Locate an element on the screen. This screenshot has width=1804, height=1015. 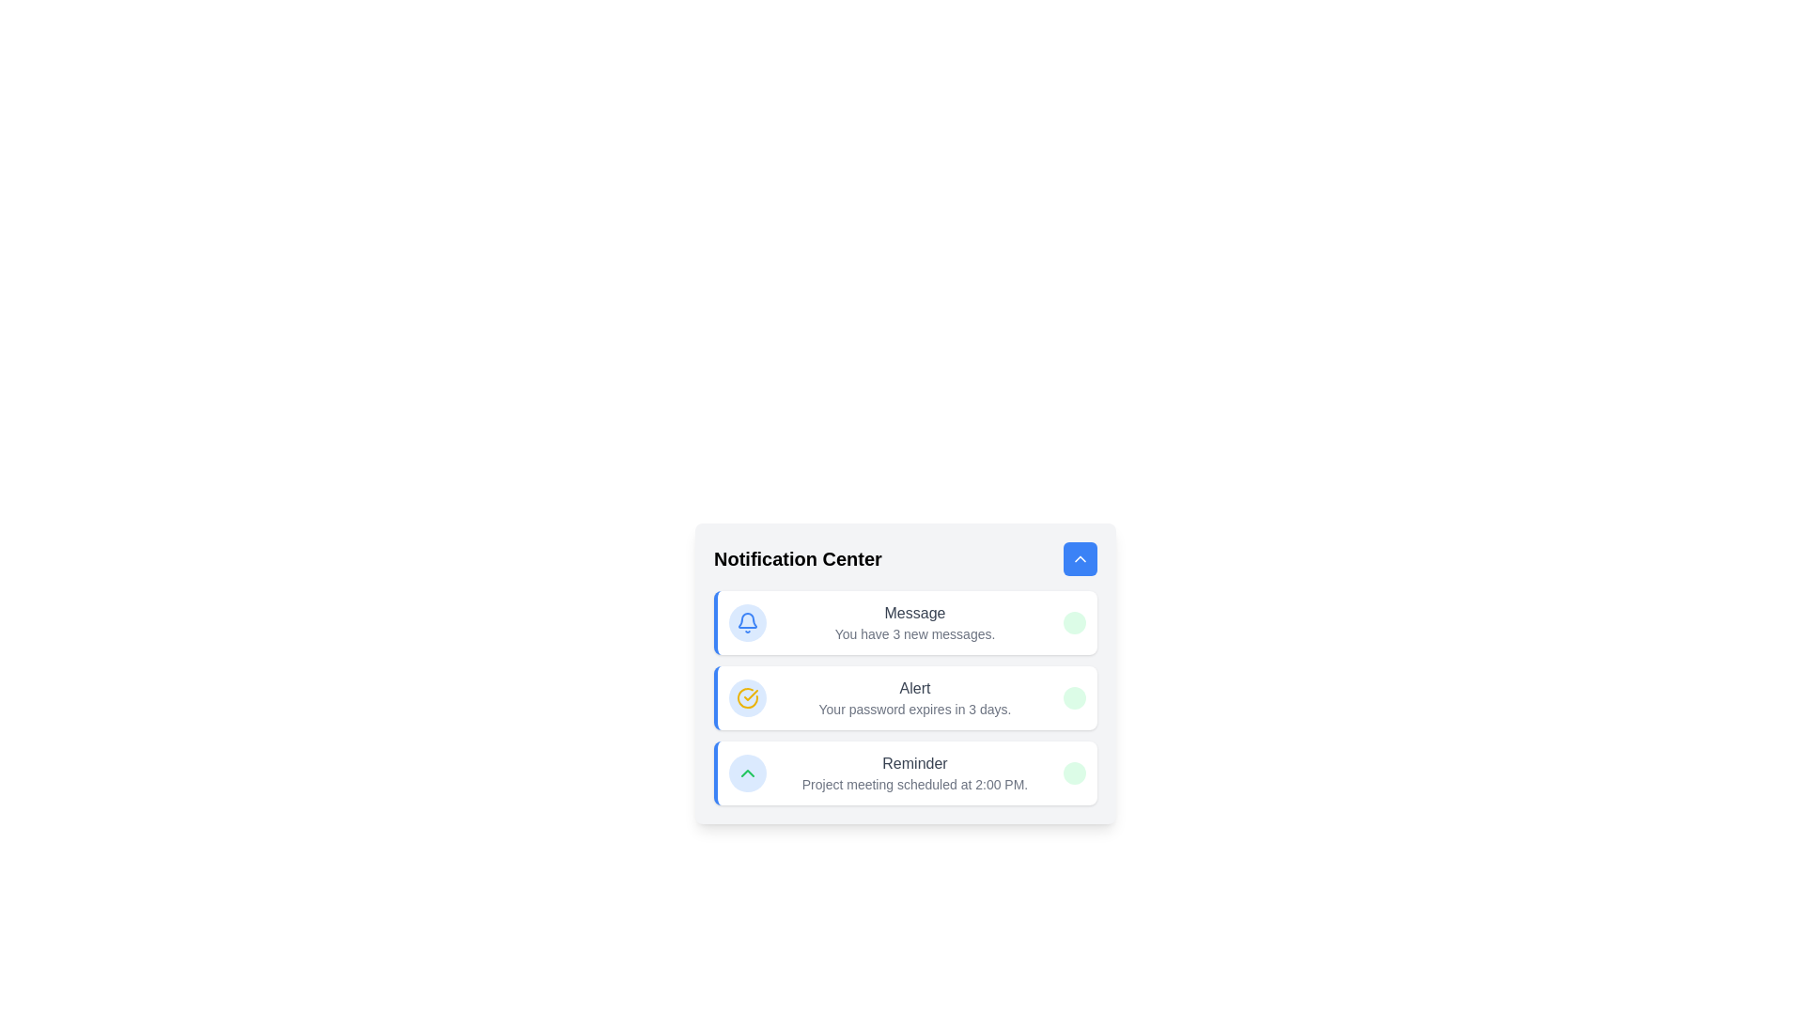
the circular Icon button with a light blue background and a green upward-pointing chevron, located to the left of the 'Reminder' text in the Notification Center is located at coordinates (747, 773).